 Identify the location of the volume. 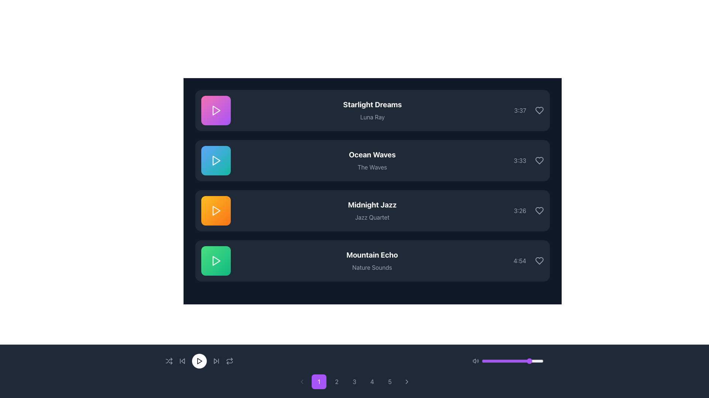
(538, 360).